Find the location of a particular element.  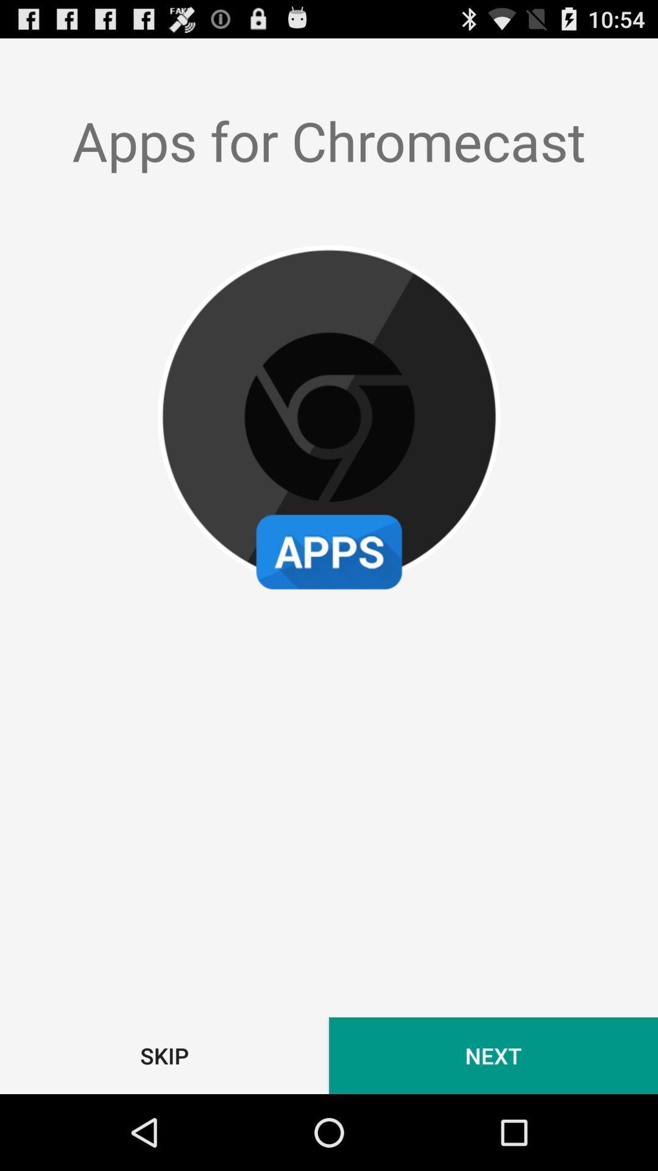

next at the bottom right corner is located at coordinates (493, 1055).